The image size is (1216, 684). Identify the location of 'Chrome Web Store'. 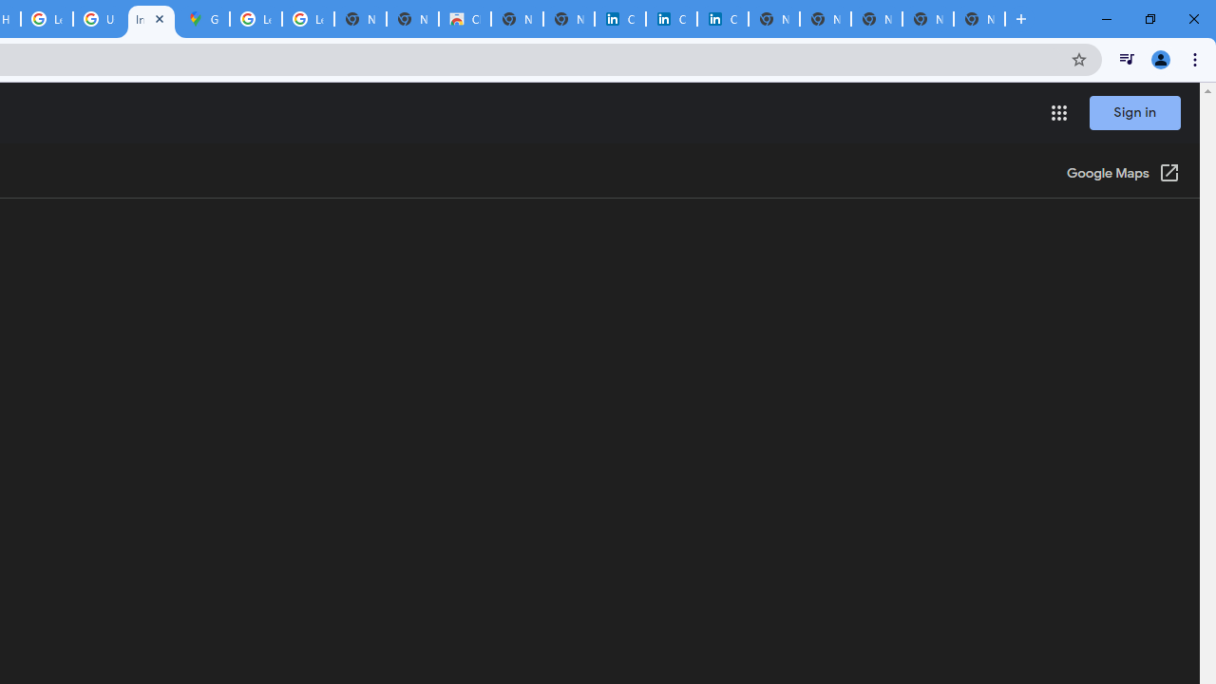
(465, 19).